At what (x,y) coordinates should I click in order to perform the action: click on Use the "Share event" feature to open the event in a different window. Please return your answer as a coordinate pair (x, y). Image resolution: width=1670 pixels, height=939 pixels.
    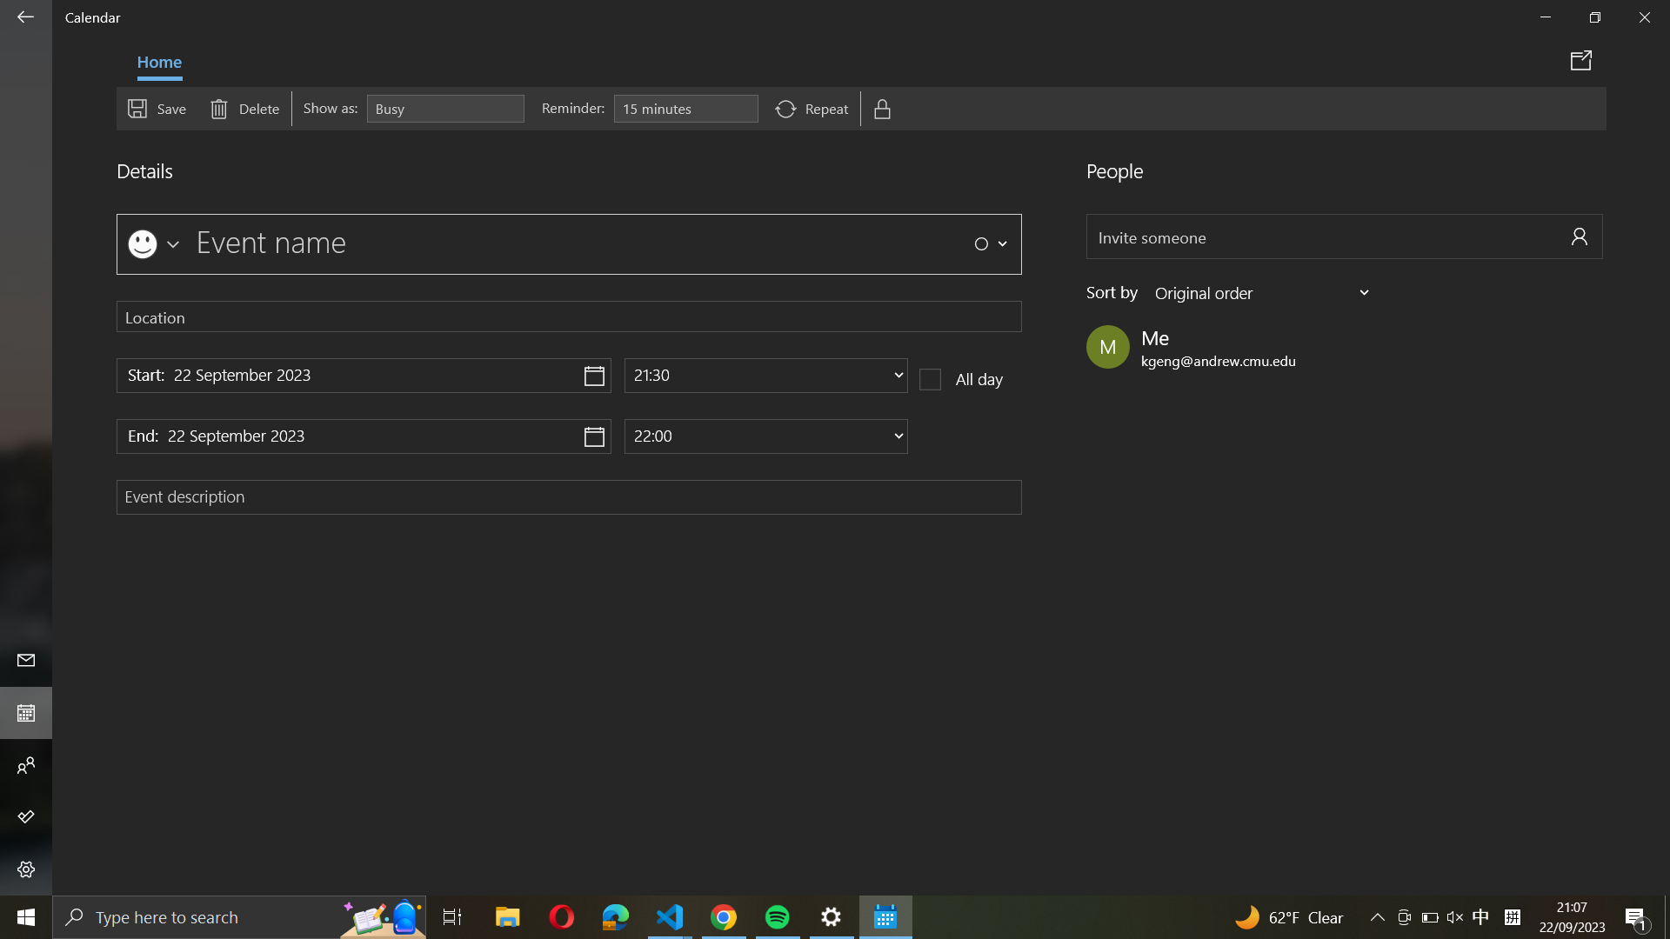
    Looking at the image, I should click on (1584, 59).